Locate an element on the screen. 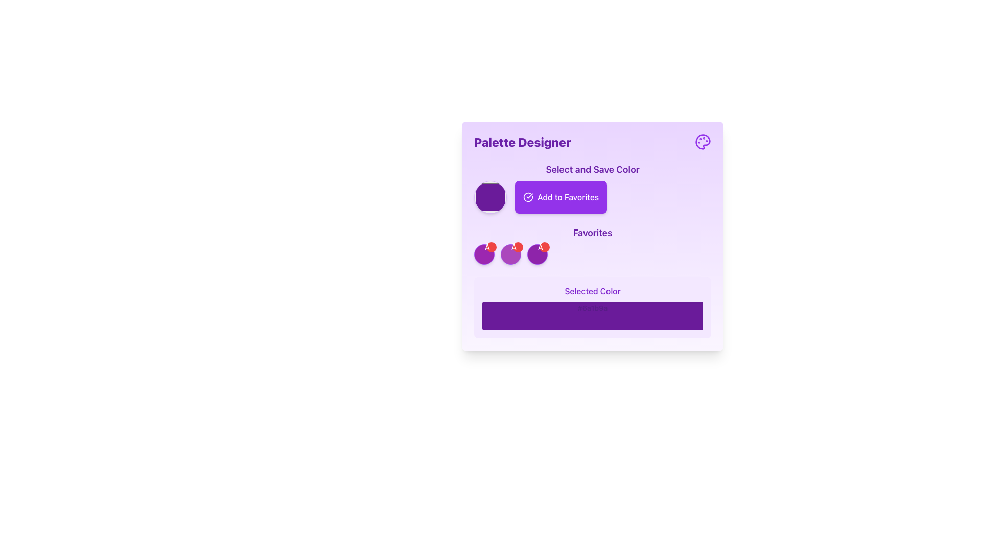 Image resolution: width=981 pixels, height=552 pixels. the 'Add to Favorites' button located within the 'Select and Save Color' section on the light purple card UI layout is located at coordinates (560, 197).